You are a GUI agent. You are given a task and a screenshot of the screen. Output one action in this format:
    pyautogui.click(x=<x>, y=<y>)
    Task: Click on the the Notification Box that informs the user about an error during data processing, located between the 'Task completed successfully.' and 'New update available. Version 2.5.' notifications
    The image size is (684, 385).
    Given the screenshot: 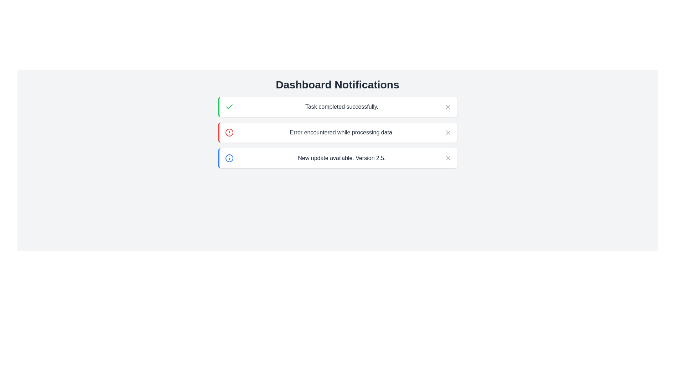 What is the action you would take?
    pyautogui.click(x=337, y=132)
    